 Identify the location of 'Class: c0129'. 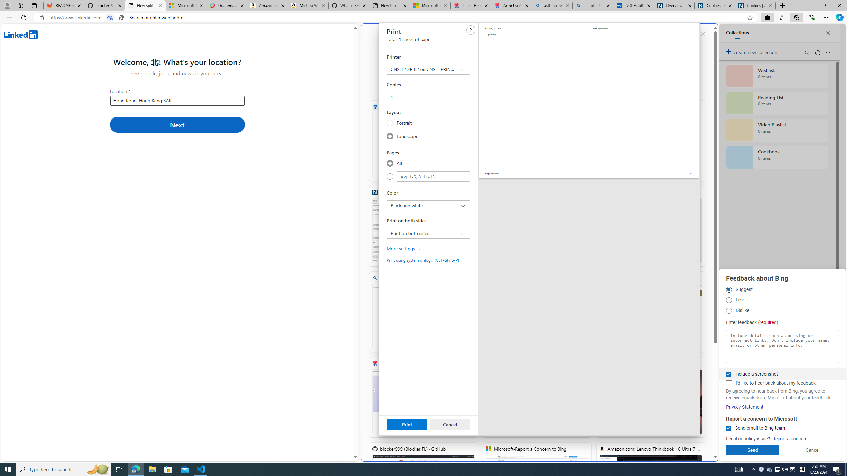
(470, 30).